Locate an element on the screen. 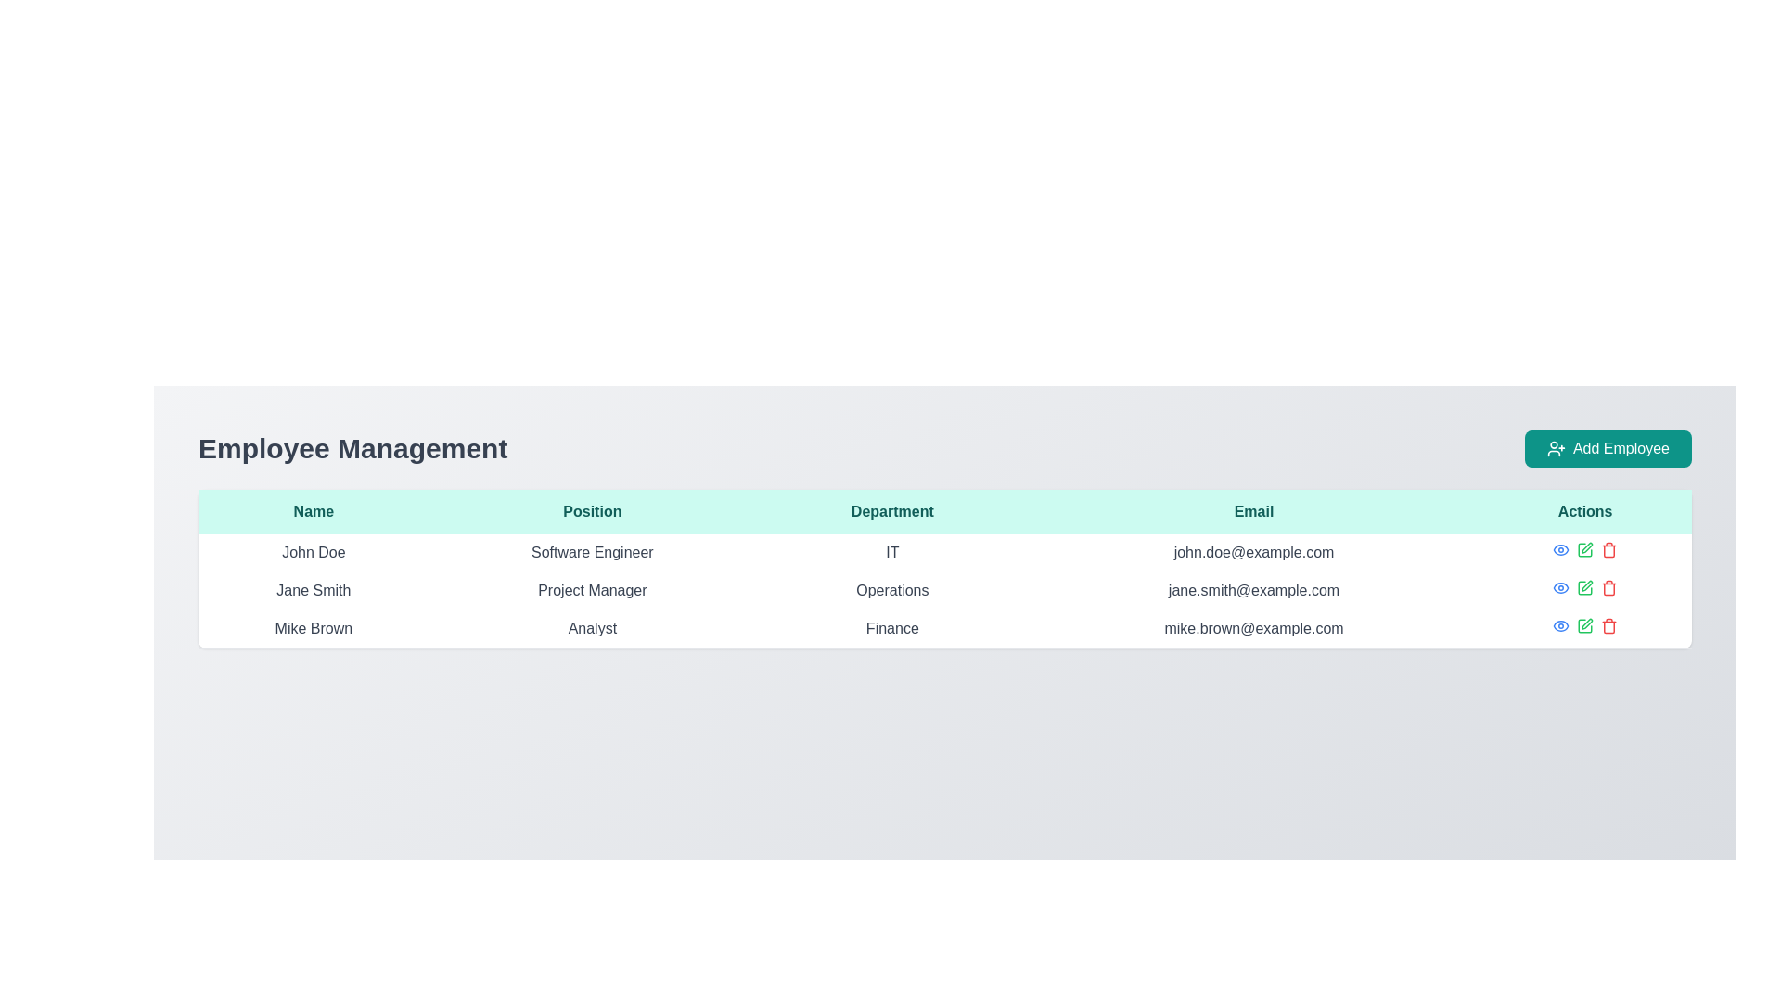 Image resolution: width=1781 pixels, height=1002 pixels. the red trash bin icon representing a delete action in the 'Actions' column for the employee 'Mike Brown' is located at coordinates (1608, 549).